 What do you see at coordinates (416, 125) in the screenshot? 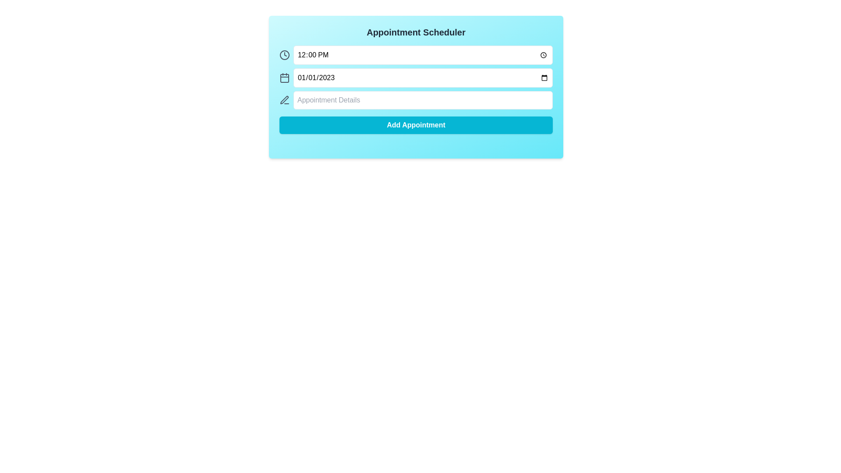
I see `the 'Add Appointment' button, which has a cyan background and bold white text` at bounding box center [416, 125].